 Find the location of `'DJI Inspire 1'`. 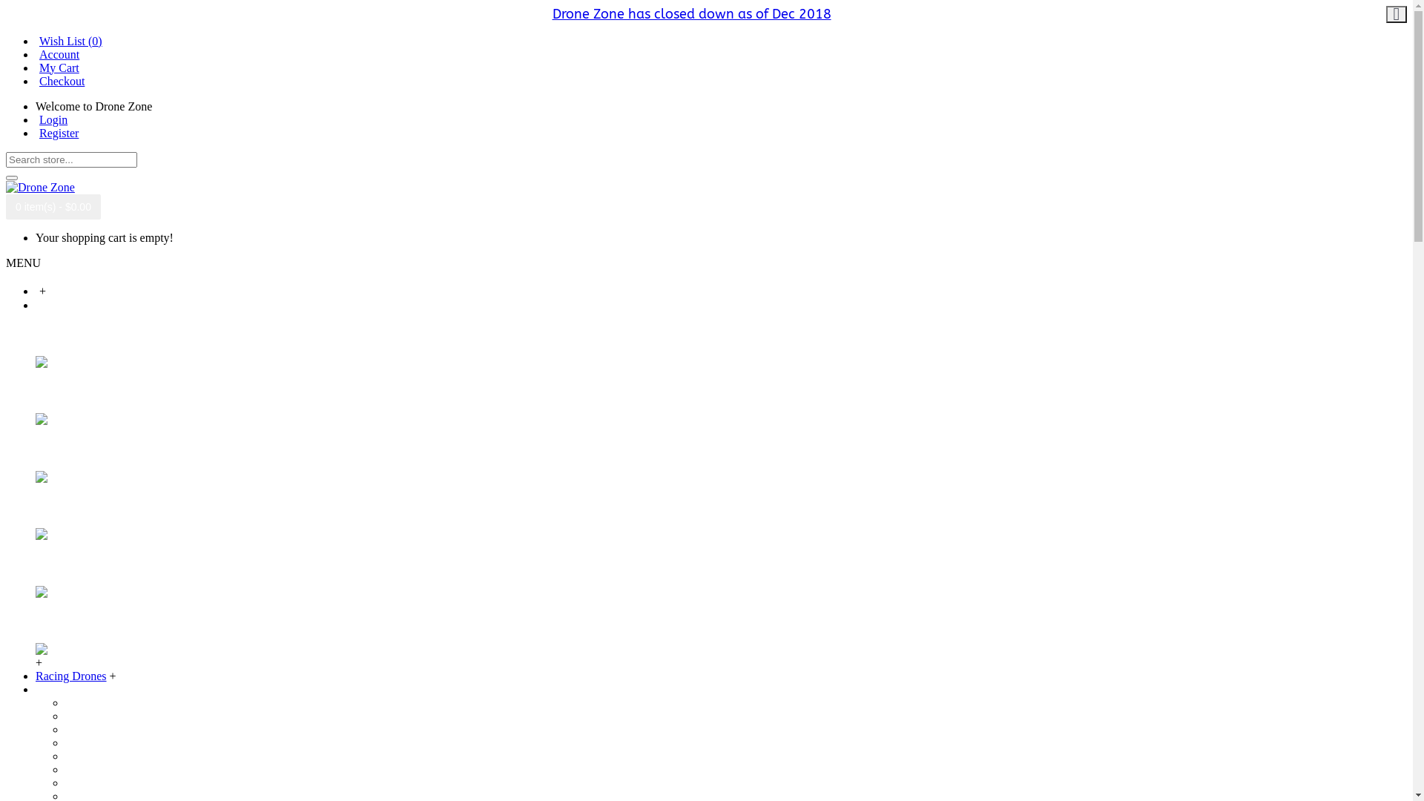

'DJI Inspire 1' is located at coordinates (95, 756).